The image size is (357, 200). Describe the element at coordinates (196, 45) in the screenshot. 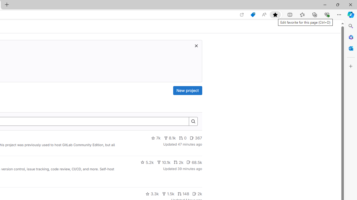

I see `'Dismiss trial promotion'` at that location.